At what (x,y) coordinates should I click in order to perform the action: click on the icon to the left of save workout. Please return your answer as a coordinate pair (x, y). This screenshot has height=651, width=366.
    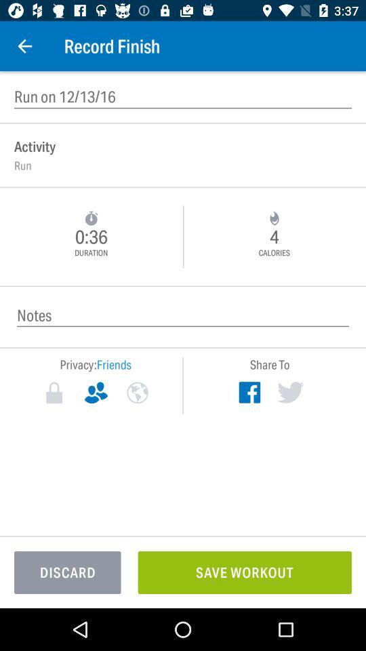
    Looking at the image, I should click on (66, 572).